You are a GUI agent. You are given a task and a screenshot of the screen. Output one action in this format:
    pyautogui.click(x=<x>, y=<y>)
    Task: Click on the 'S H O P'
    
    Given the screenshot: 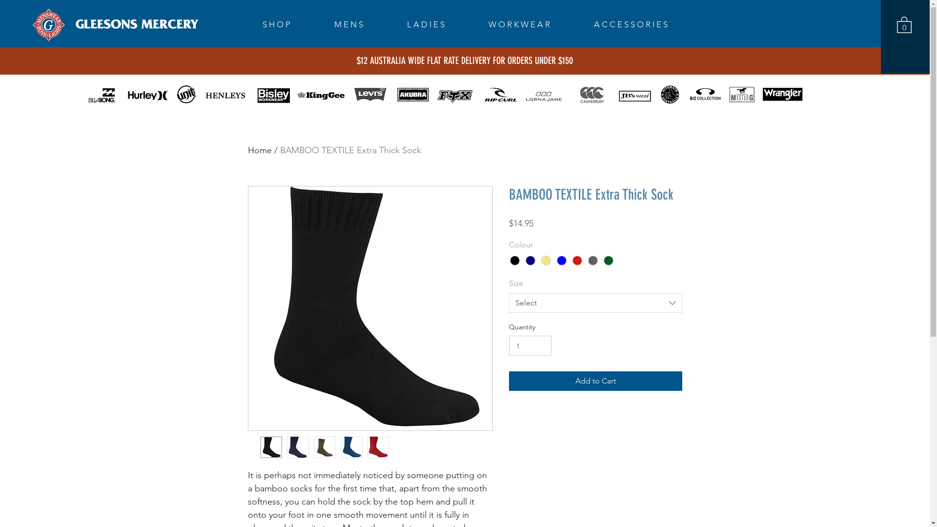 What is the action you would take?
    pyautogui.click(x=255, y=24)
    